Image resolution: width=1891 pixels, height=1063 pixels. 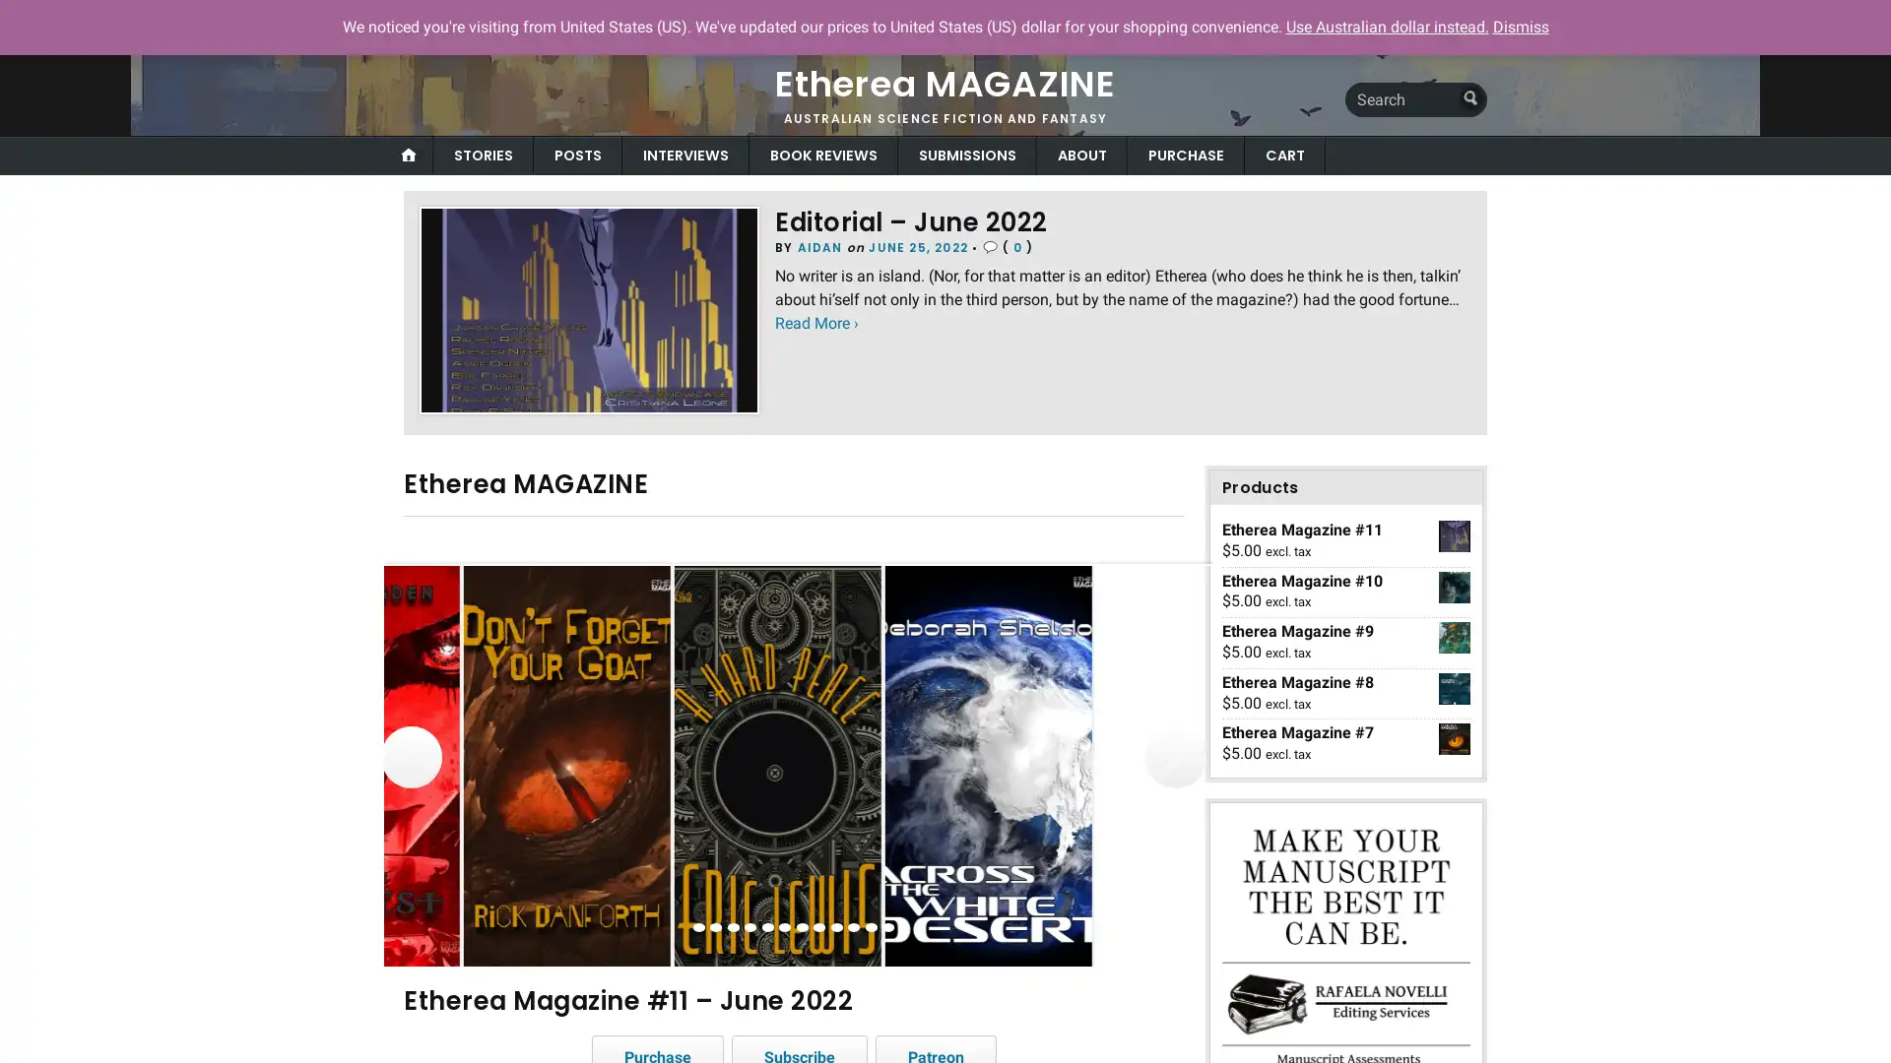 I want to click on view image 7 of 12 in carousel, so click(x=802, y=926).